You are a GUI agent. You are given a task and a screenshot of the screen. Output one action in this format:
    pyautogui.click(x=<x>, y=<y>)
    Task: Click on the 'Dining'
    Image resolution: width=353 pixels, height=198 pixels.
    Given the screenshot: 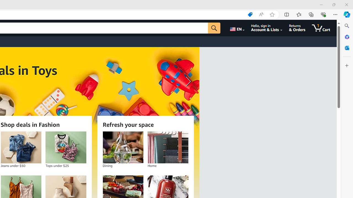 What is the action you would take?
    pyautogui.click(x=123, y=147)
    